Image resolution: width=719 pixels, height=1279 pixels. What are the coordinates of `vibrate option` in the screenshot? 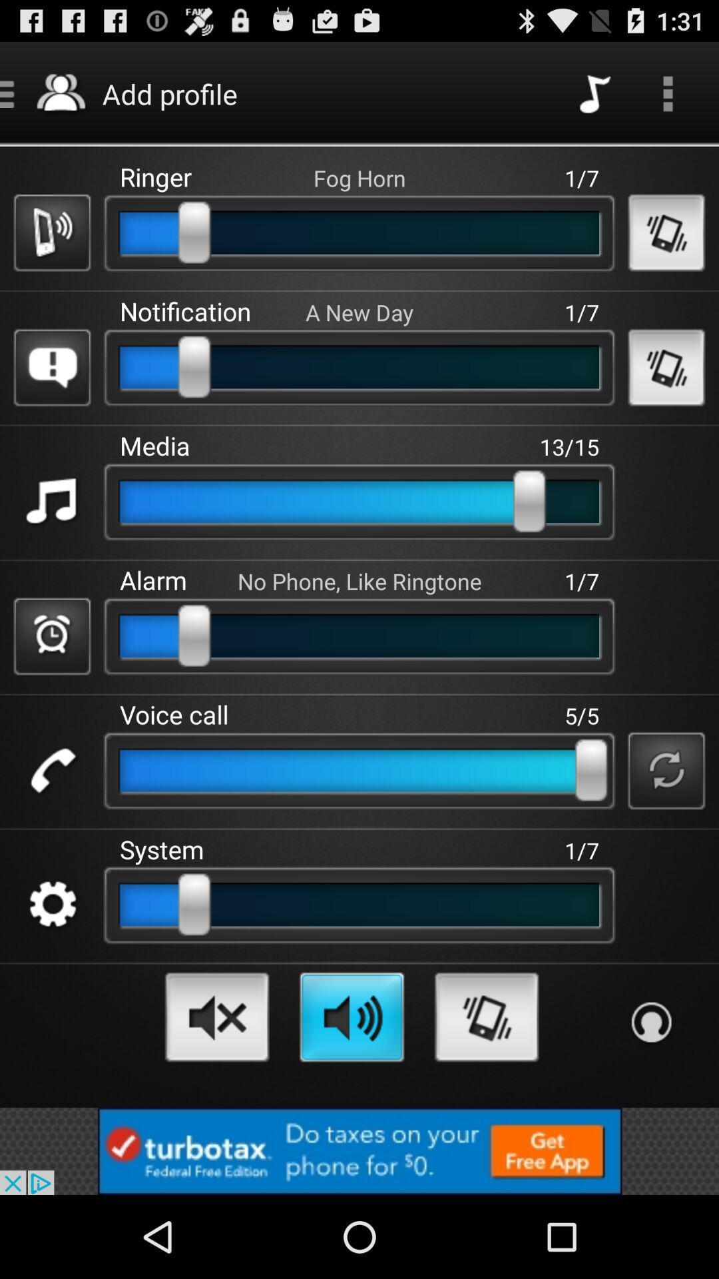 It's located at (487, 1016).